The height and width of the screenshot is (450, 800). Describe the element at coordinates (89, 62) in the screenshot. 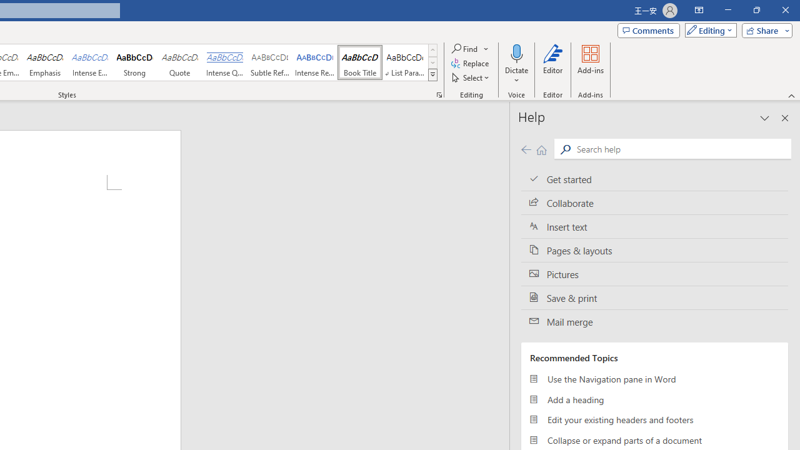

I see `'Intense Emphasis'` at that location.